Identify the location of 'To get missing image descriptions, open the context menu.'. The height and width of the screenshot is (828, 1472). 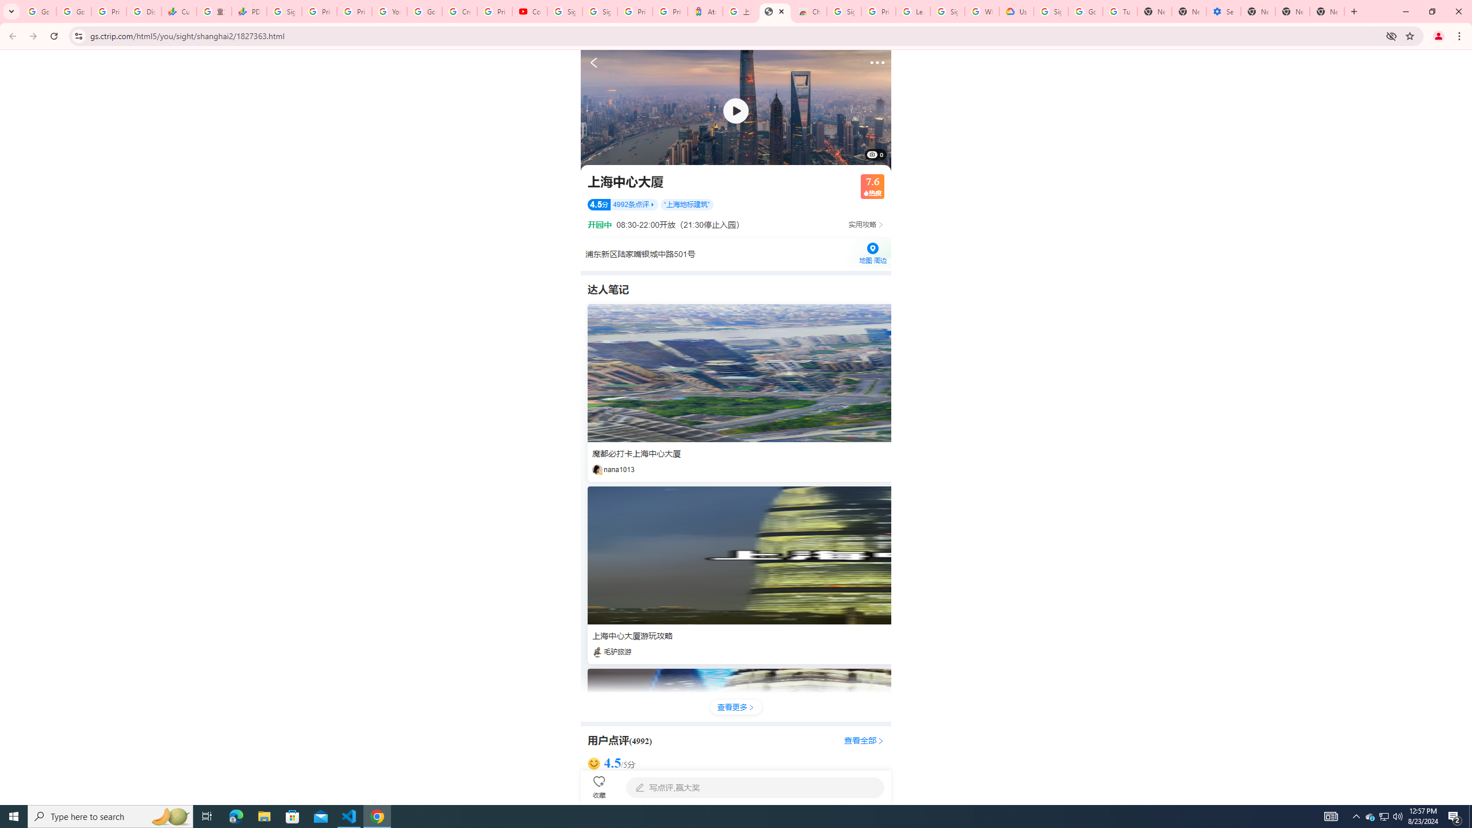
(736, 110).